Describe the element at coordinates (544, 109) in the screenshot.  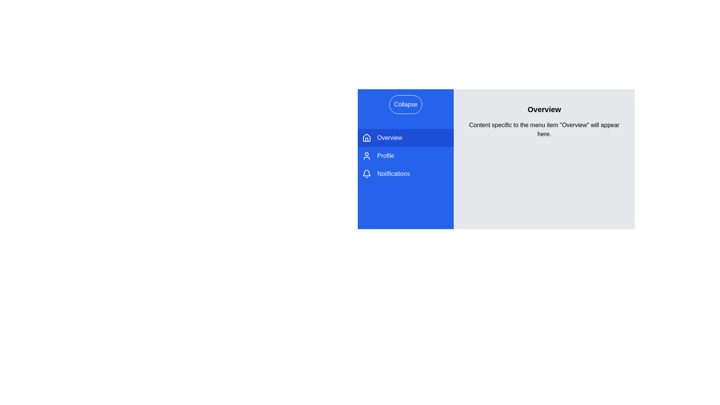
I see `prominent 'Overview' text label located at the top of the gray content area, styled in bold and large sans-serif font` at that location.